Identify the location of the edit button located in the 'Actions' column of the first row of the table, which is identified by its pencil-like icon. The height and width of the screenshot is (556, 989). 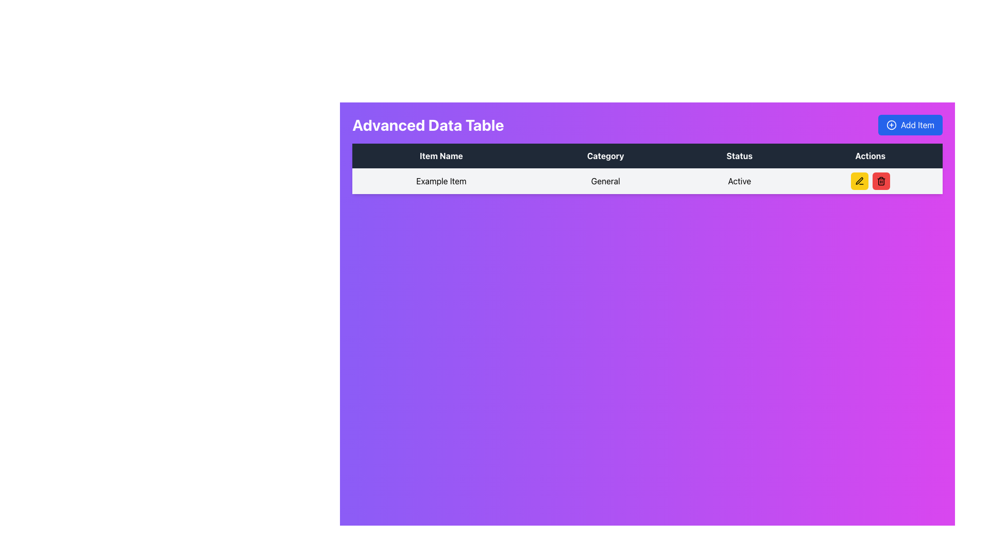
(859, 180).